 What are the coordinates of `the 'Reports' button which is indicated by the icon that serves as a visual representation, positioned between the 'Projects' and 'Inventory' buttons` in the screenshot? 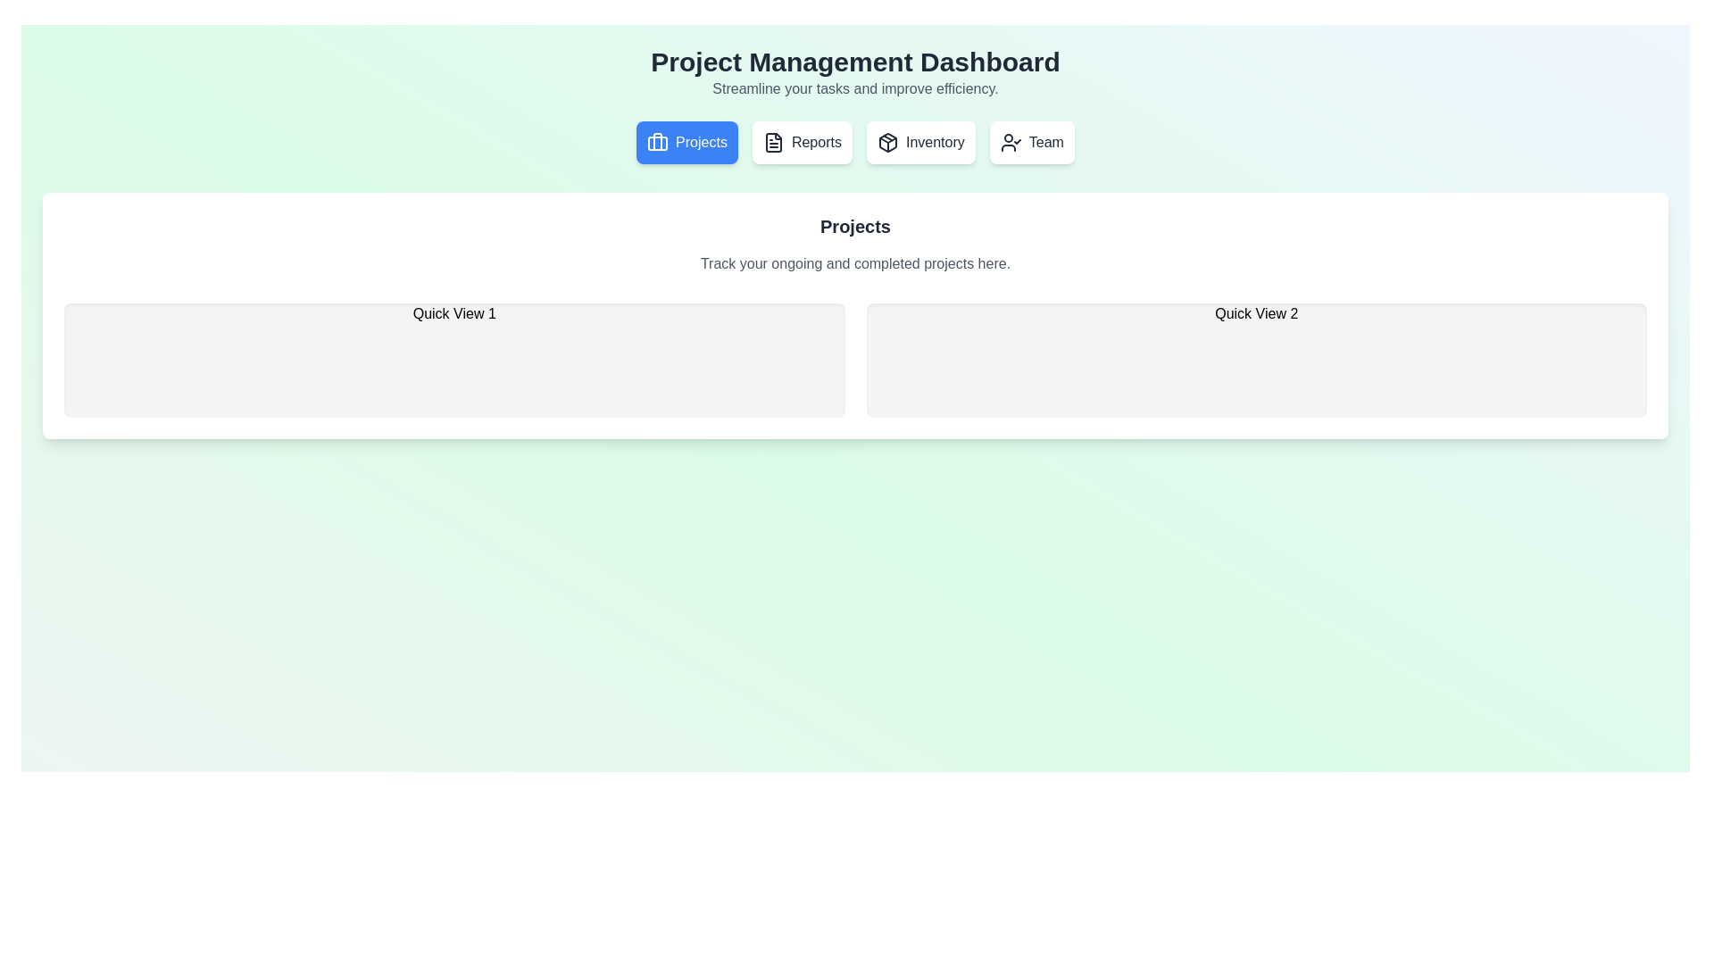 It's located at (773, 141).